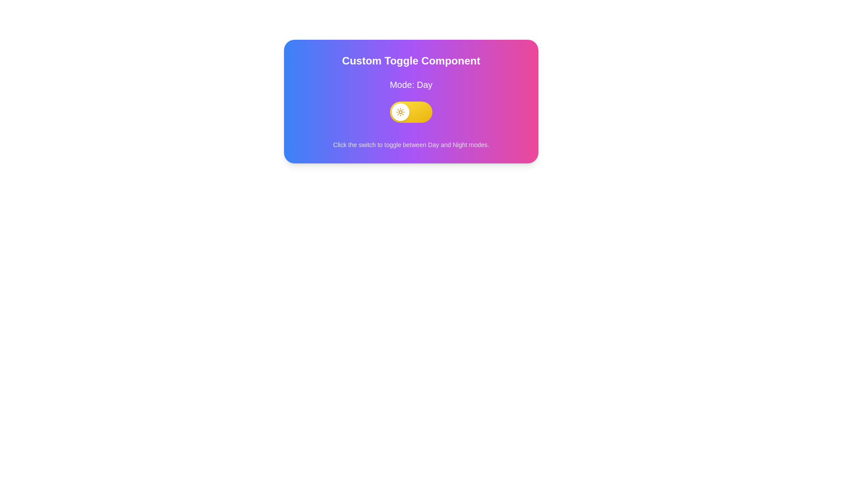 The height and width of the screenshot is (477, 848). I want to click on the 'Day' mode visual indicator within the toggle switch component, so click(400, 112).